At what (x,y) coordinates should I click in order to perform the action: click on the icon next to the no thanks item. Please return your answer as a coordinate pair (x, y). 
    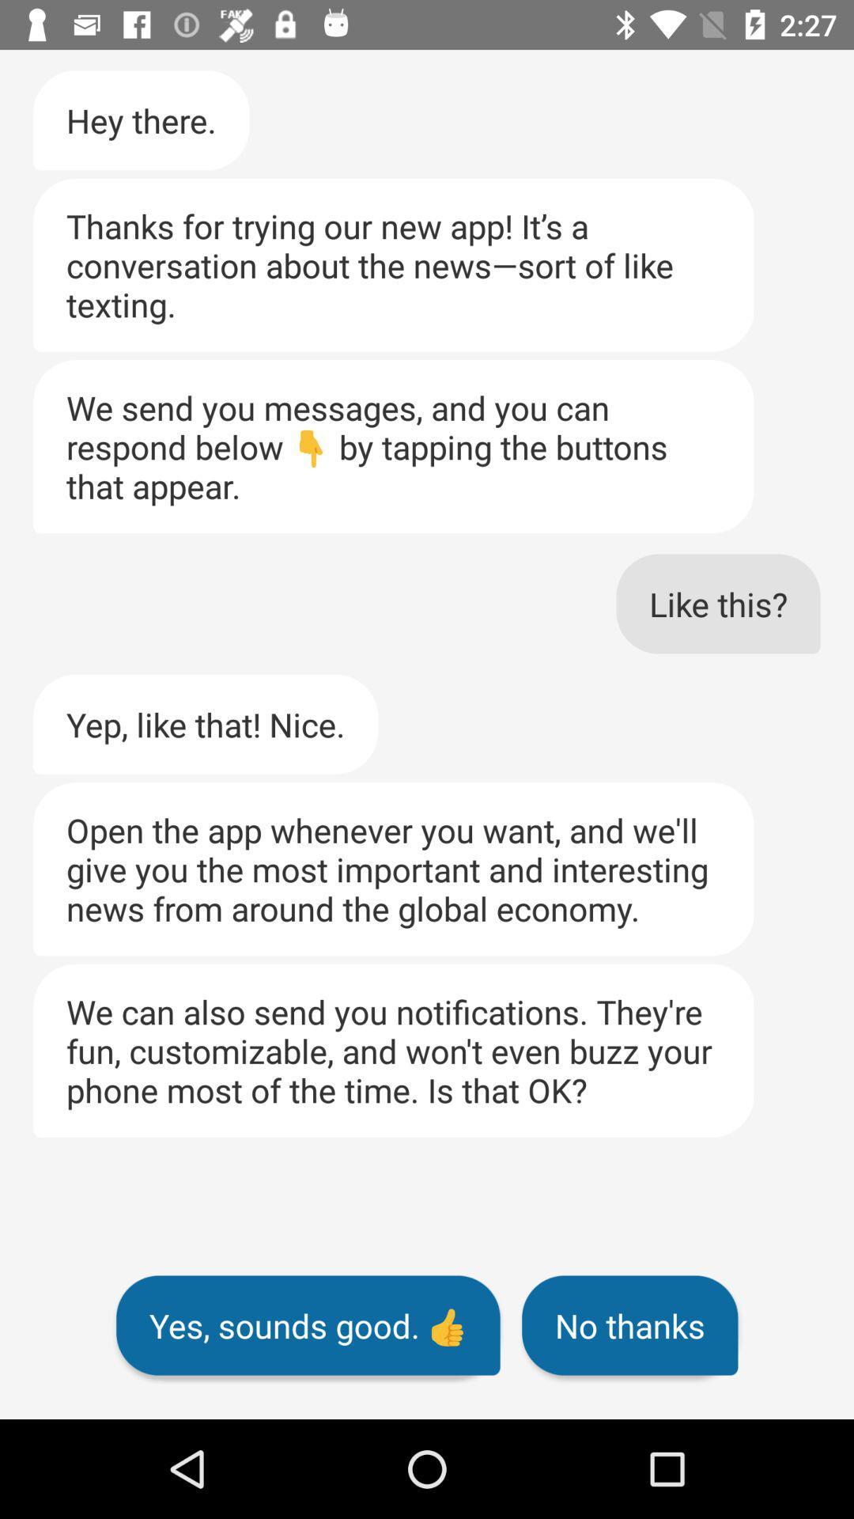
    Looking at the image, I should click on (308, 1325).